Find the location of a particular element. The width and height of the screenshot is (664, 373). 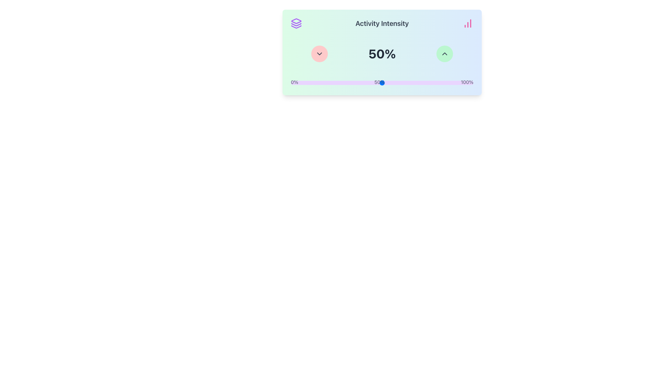

the Text label displaying '50%' which is centrally located between '0%' and '100%' in the UI is located at coordinates (379, 82).